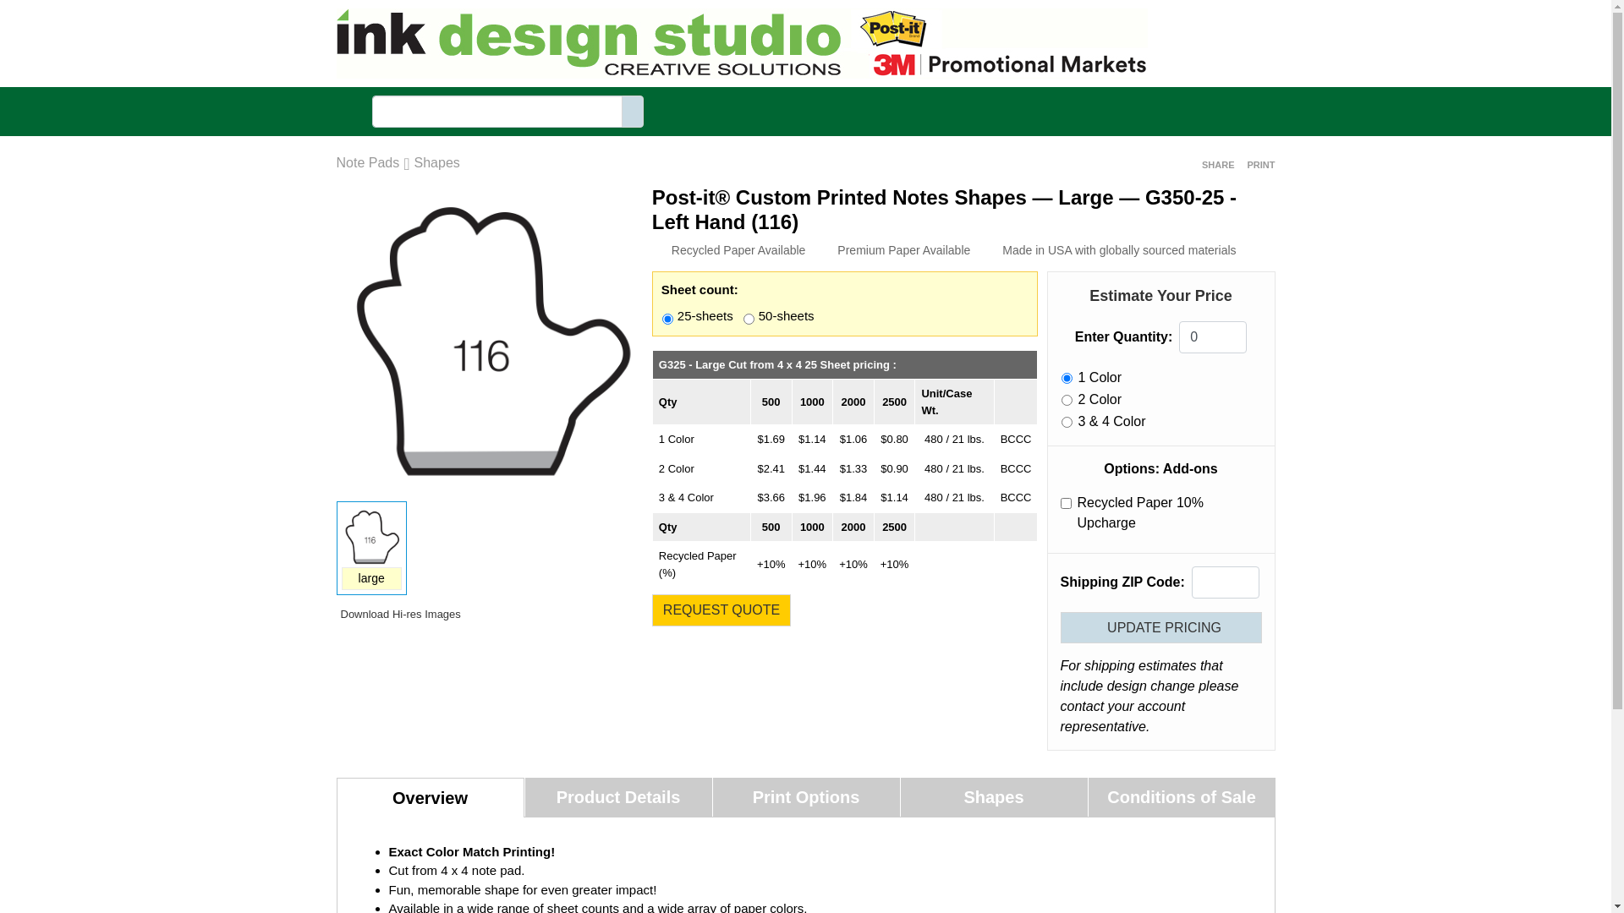 The width and height of the screenshot is (1624, 913). I want to click on 'UPDATE PRICING', so click(1160, 627).